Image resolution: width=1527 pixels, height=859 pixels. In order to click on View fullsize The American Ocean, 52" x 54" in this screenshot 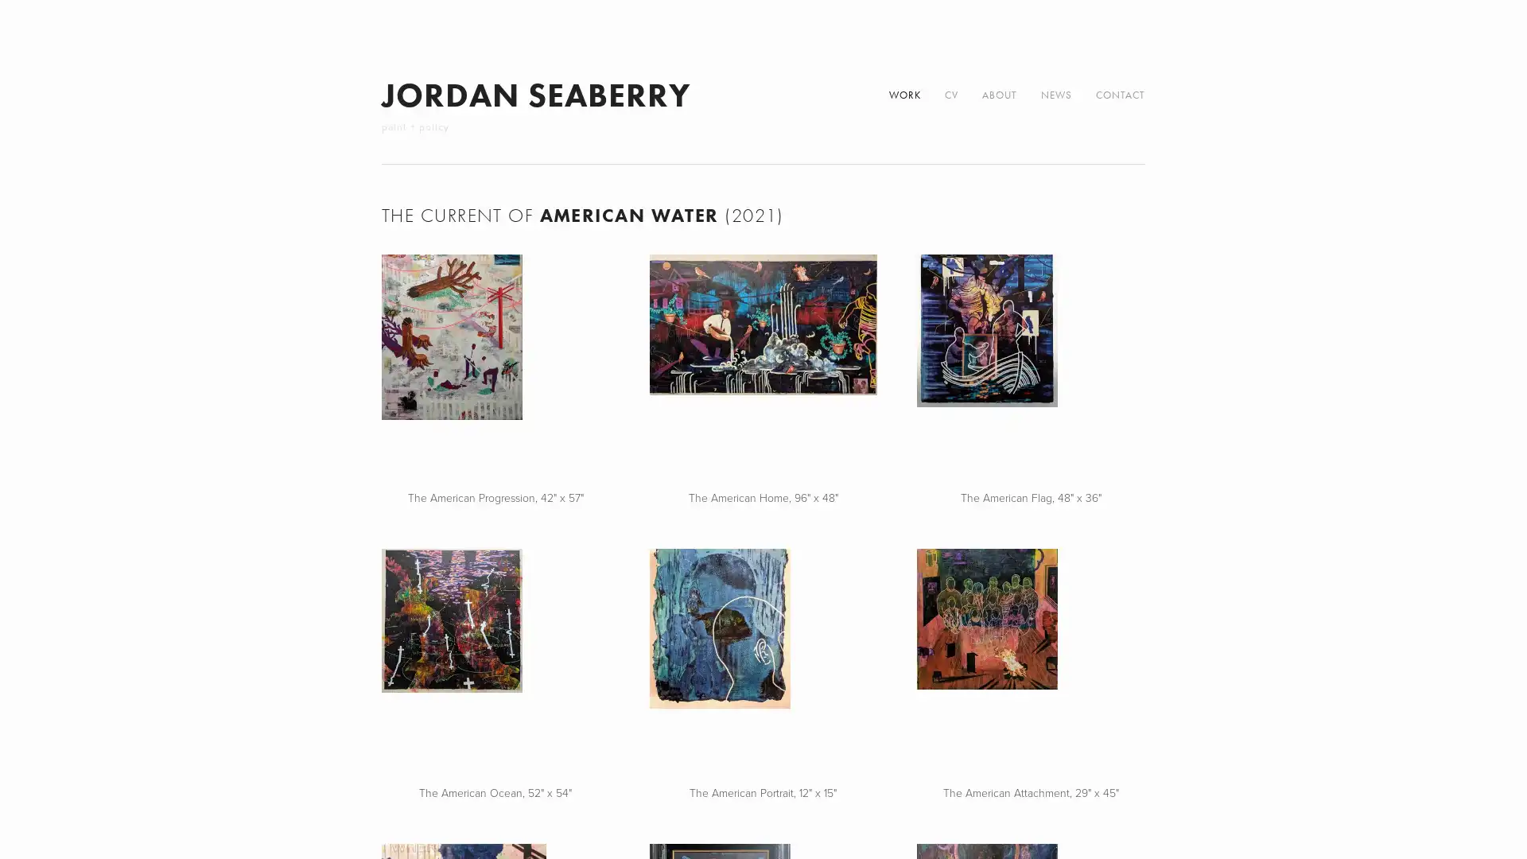, I will do `click(495, 663)`.